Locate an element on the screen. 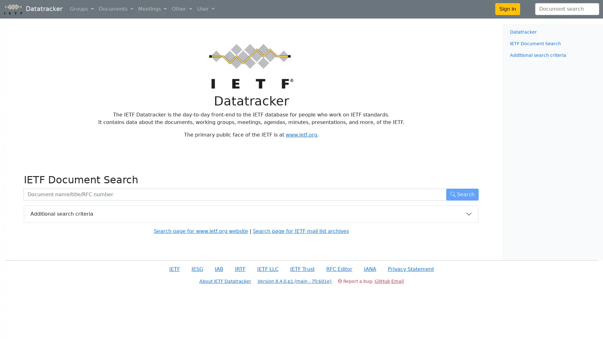  Documents is located at coordinates (116, 9).